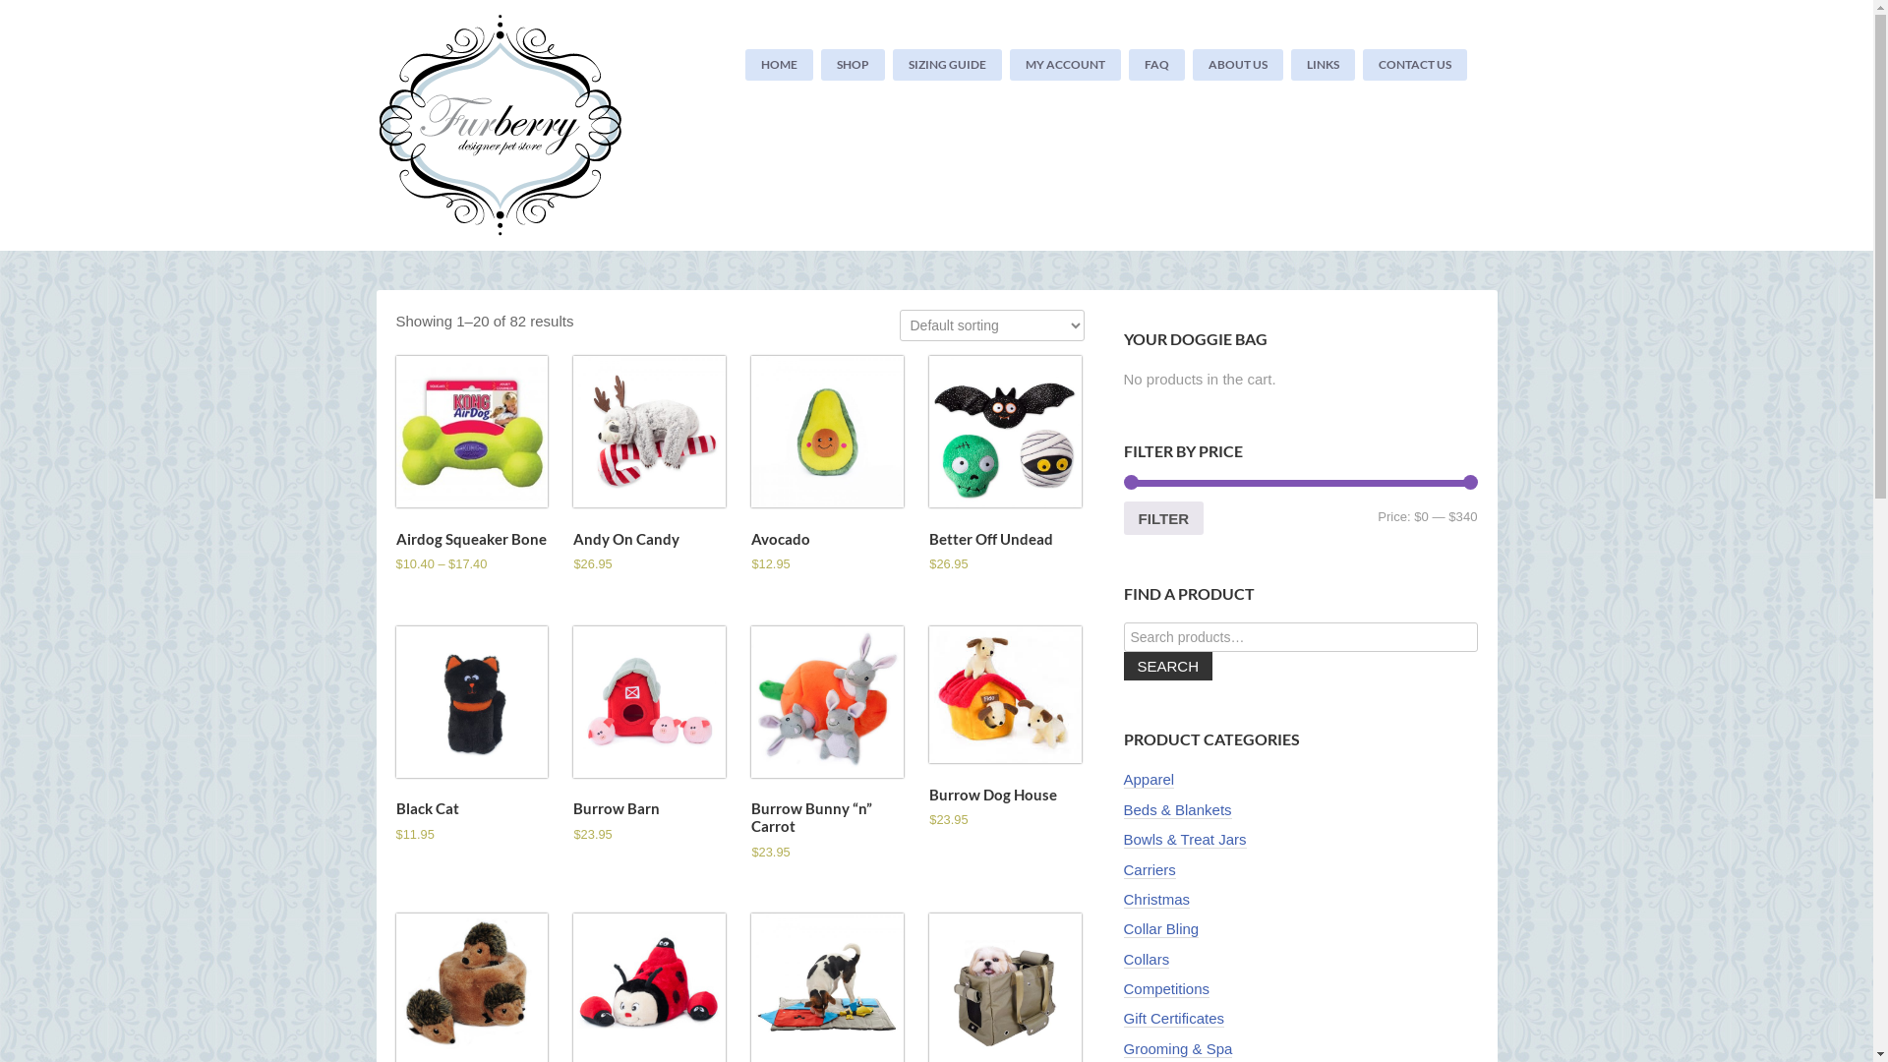 Image resolution: width=1888 pixels, height=1062 pixels. Describe the element at coordinates (1165, 989) in the screenshot. I see `'Competitions'` at that location.